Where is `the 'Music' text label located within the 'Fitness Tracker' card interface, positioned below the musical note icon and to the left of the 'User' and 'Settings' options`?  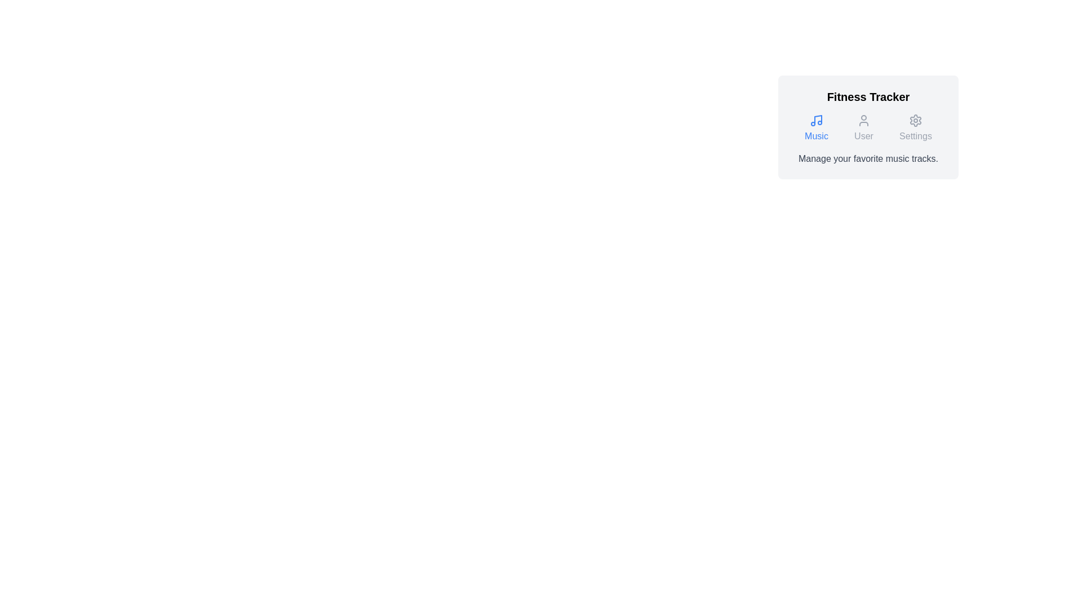
the 'Music' text label located within the 'Fitness Tracker' card interface, positioned below the musical note icon and to the left of the 'User' and 'Settings' options is located at coordinates (817, 136).